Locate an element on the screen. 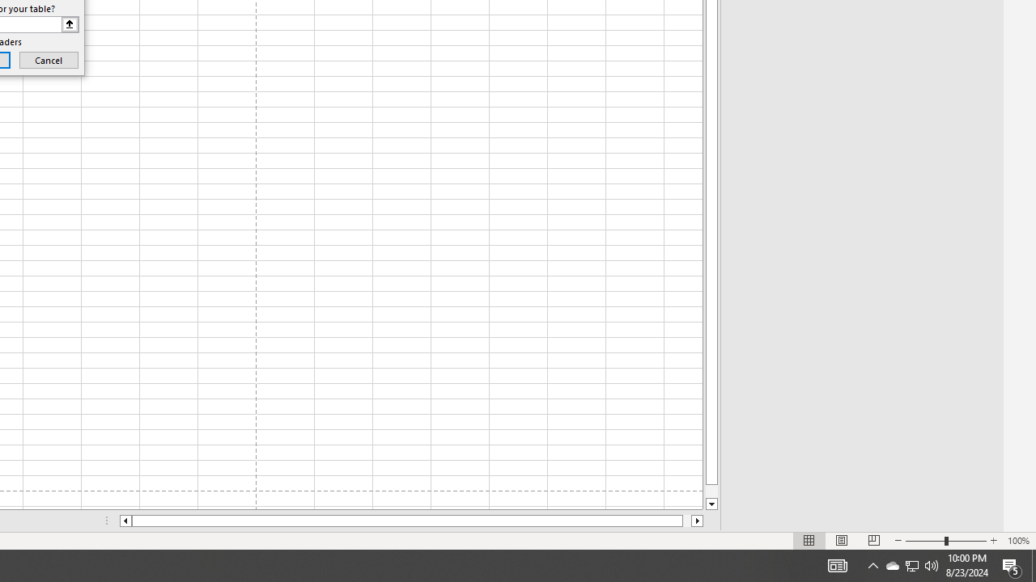  'Zoom' is located at coordinates (945, 541).